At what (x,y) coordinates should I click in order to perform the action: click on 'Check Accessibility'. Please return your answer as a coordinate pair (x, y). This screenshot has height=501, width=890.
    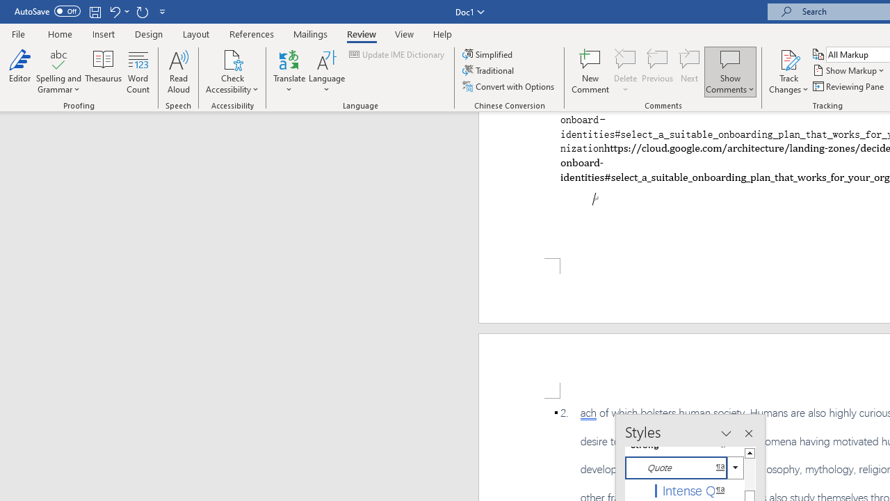
    Looking at the image, I should click on (232, 72).